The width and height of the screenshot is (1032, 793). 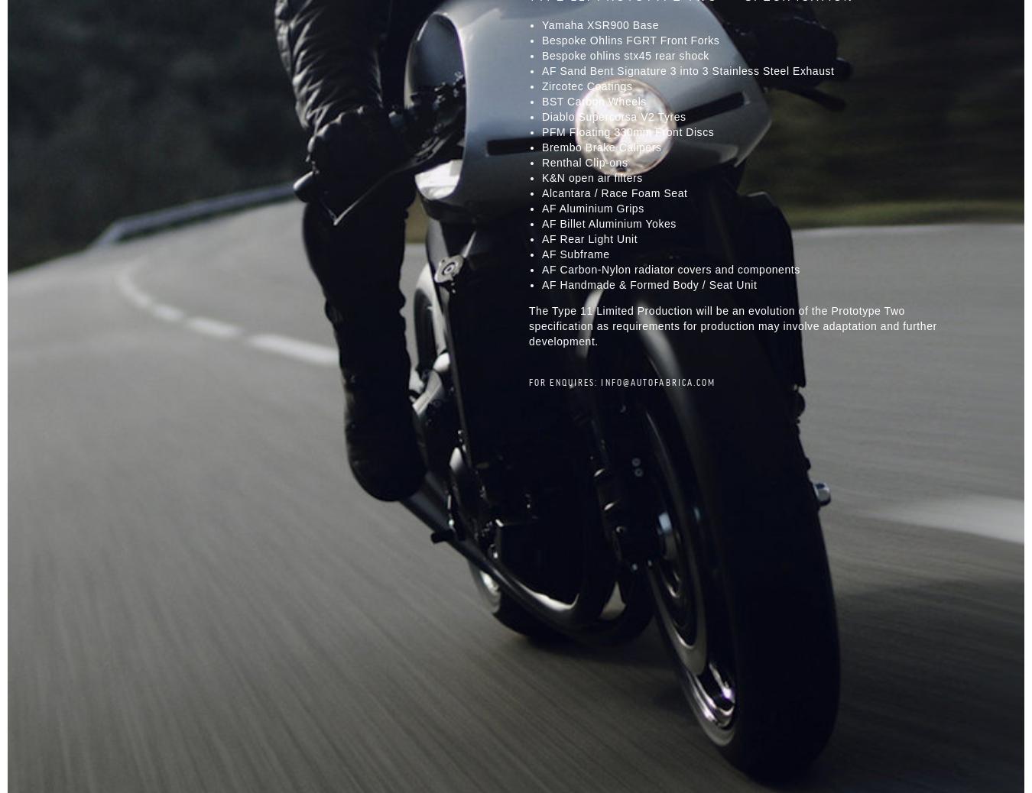 I want to click on 'AF Subframe', so click(x=575, y=253).